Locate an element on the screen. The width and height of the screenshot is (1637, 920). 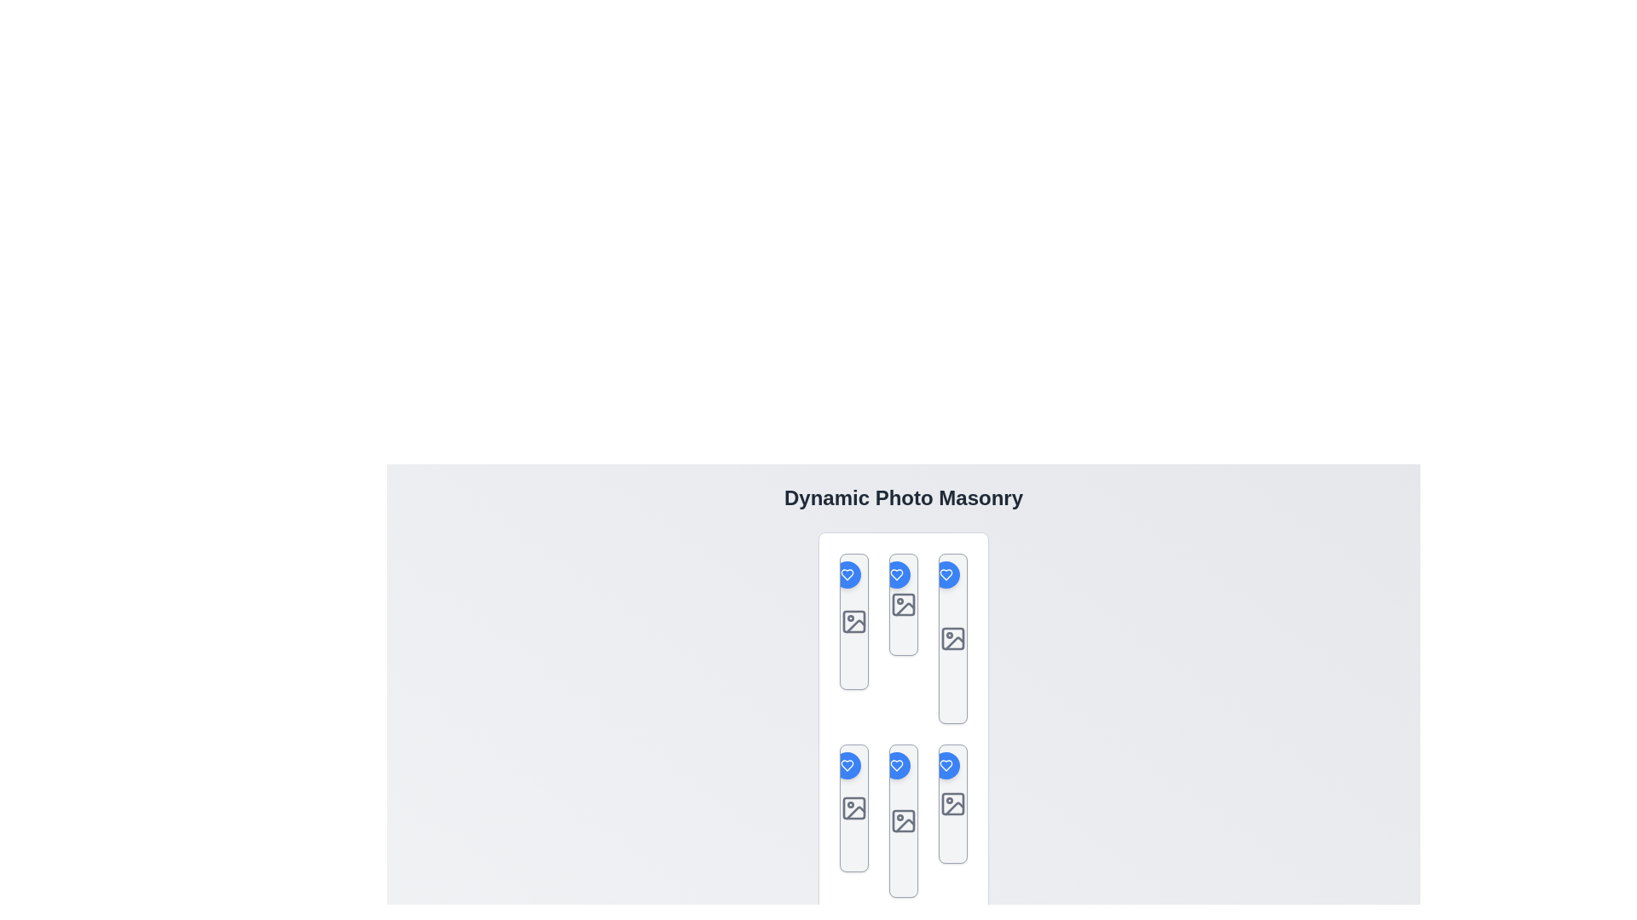
the heart icon inside the circular blue button to like or favorite the associated card located at the top-right corner of the vertical card-like box is located at coordinates (895, 575).